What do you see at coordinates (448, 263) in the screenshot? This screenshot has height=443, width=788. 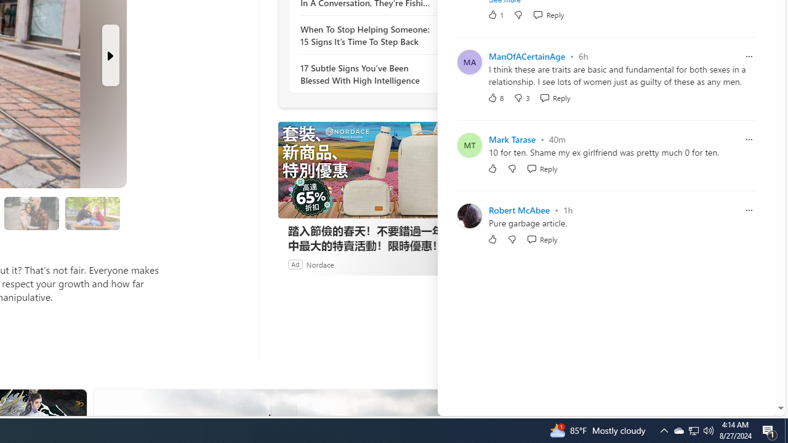 I see `'Ad Choice'` at bounding box center [448, 263].